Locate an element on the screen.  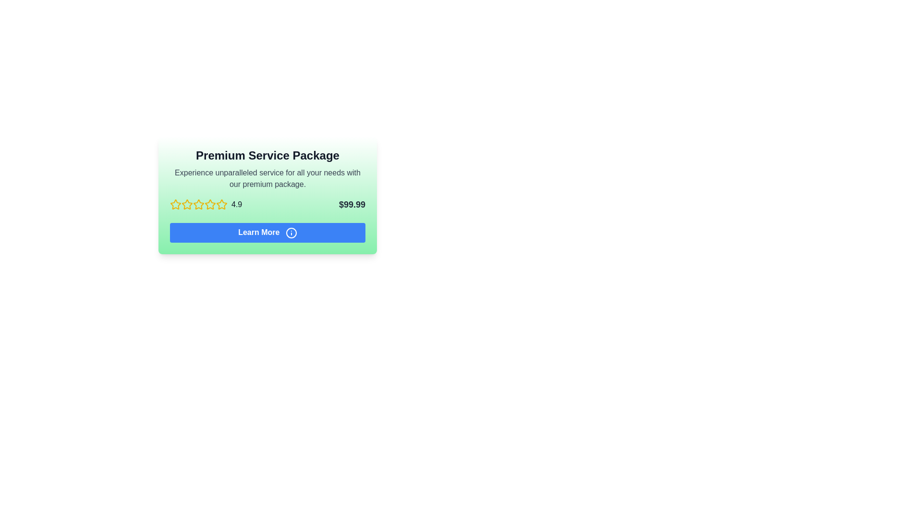
the star icons in the Rating display component for tooltip information is located at coordinates (206, 204).